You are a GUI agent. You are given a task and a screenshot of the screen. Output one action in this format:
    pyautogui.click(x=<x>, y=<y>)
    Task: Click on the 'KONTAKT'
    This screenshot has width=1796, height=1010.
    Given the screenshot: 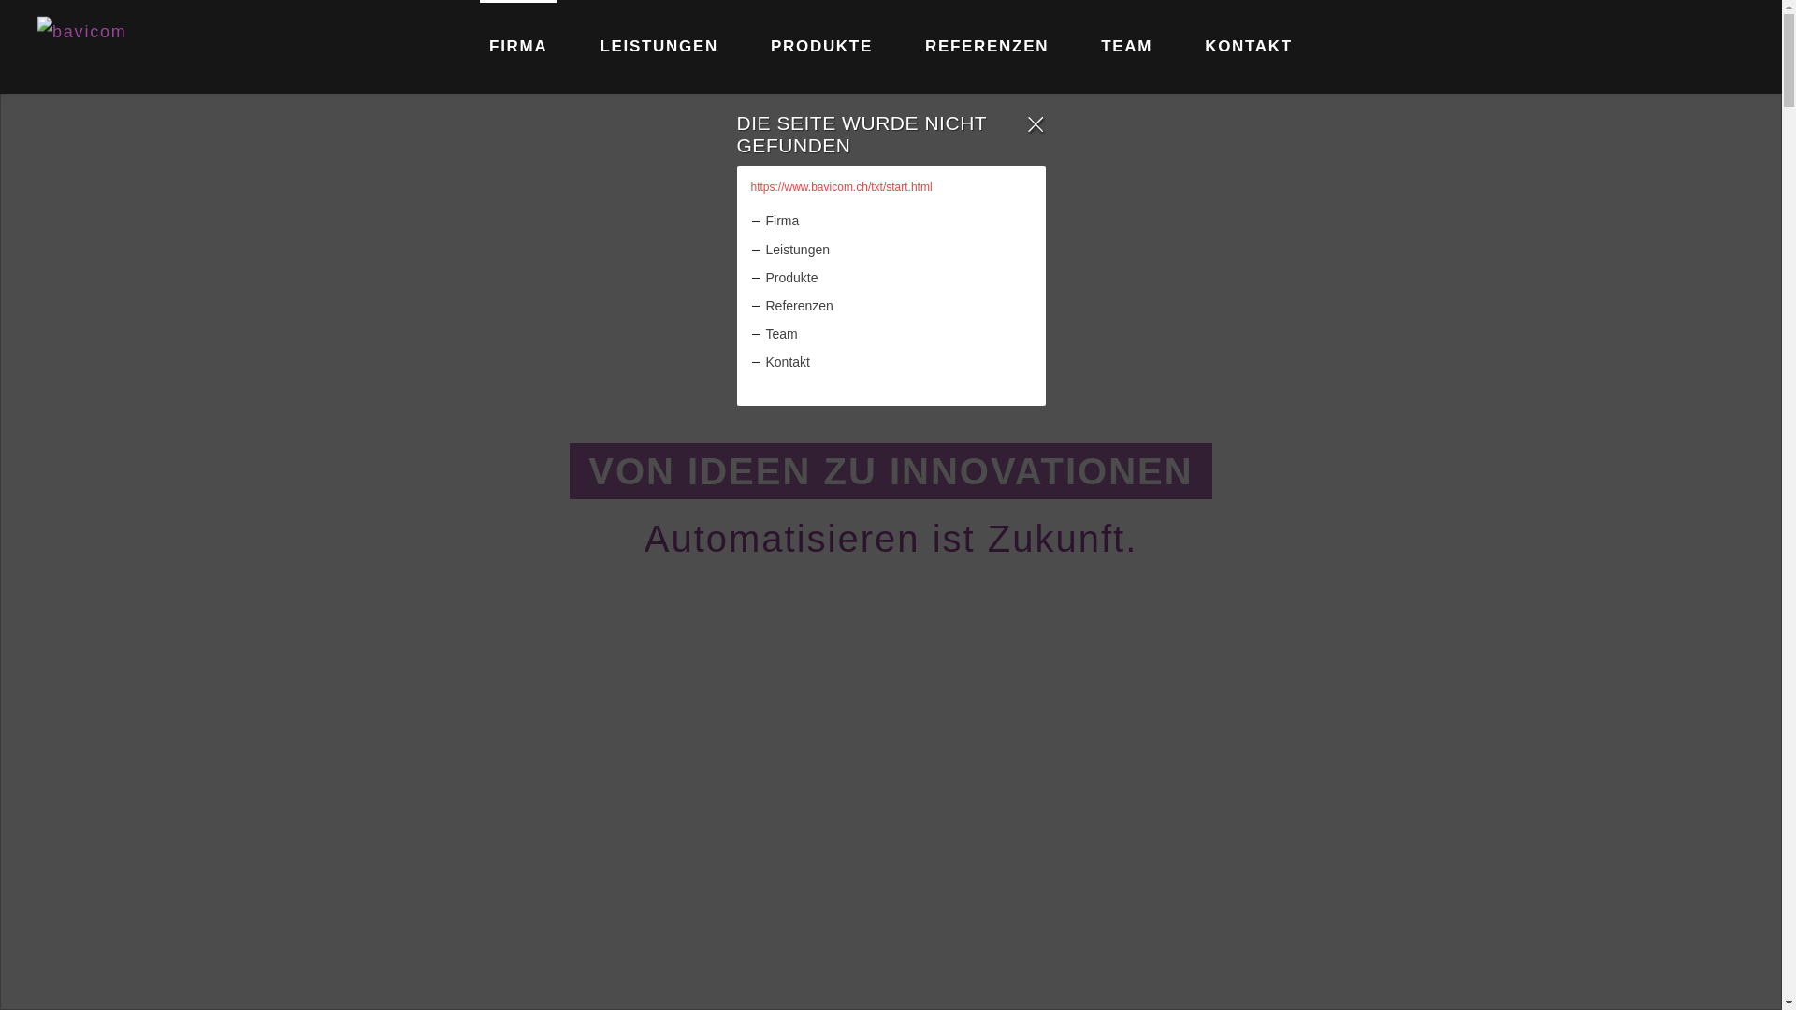 What is the action you would take?
    pyautogui.click(x=1248, y=46)
    